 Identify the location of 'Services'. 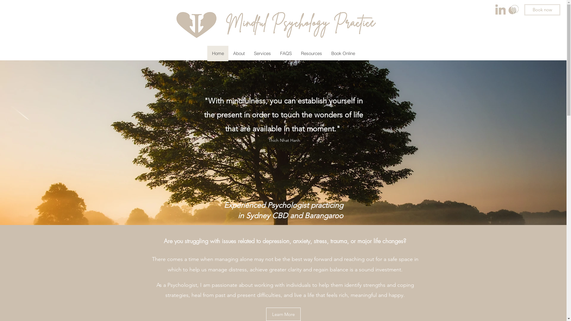
(262, 53).